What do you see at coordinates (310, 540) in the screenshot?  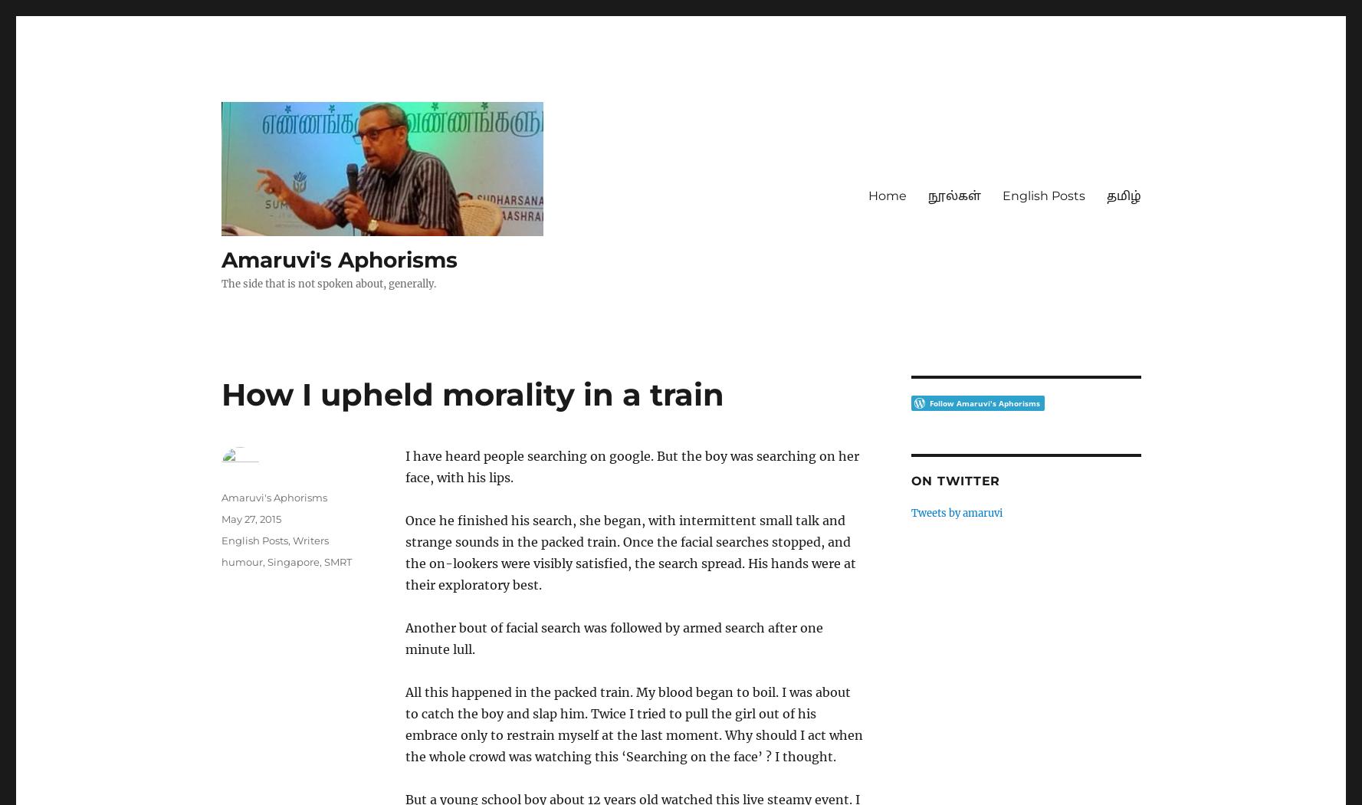 I see `'Writers'` at bounding box center [310, 540].